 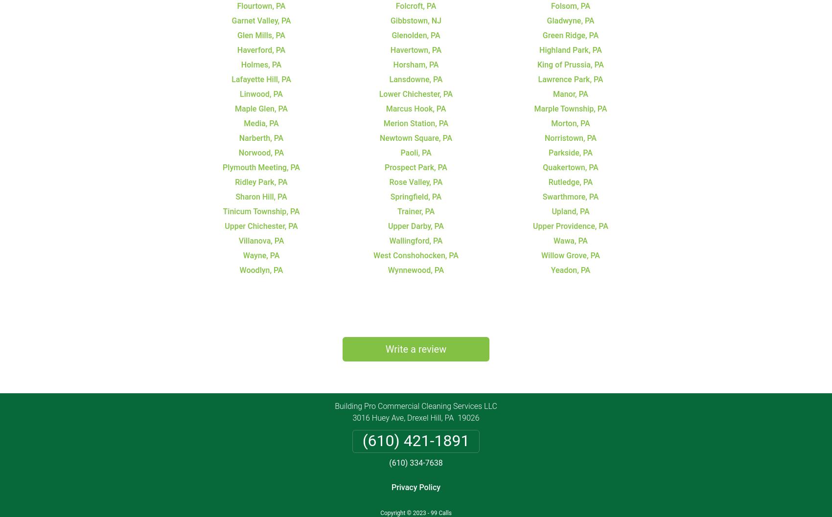 What do you see at coordinates (415, 486) in the screenshot?
I see `'Privacy Policy'` at bounding box center [415, 486].